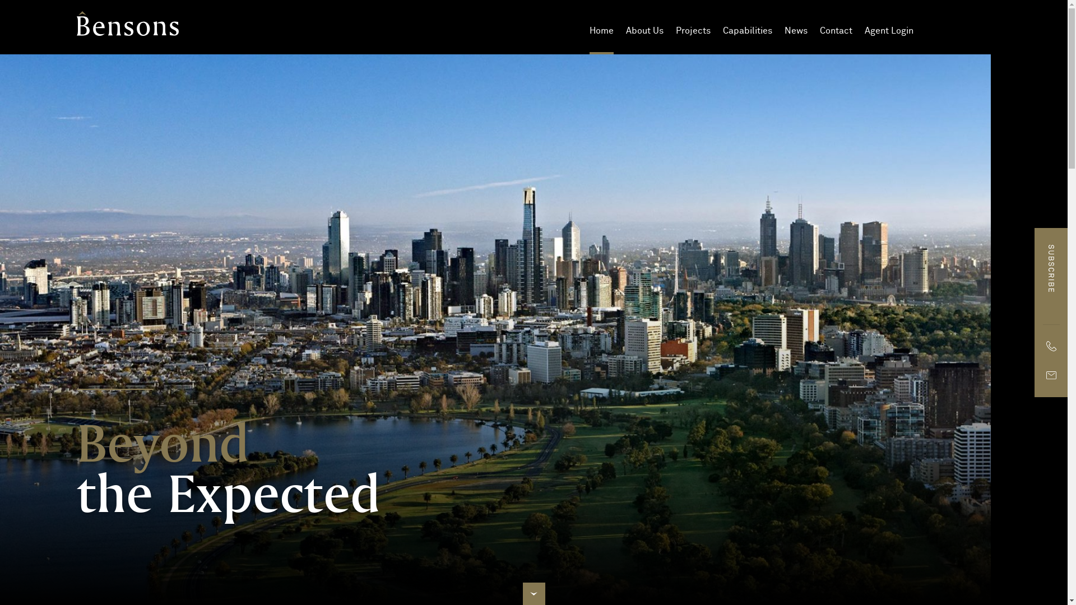 Image resolution: width=1076 pixels, height=605 pixels. Describe the element at coordinates (836, 30) in the screenshot. I see `'Contact'` at that location.